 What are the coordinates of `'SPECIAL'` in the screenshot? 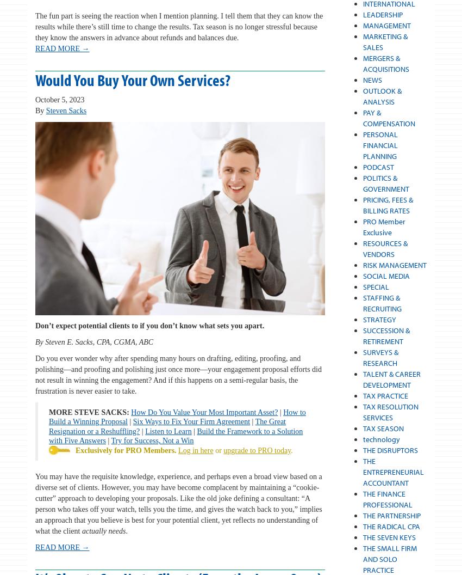 It's located at (374, 286).